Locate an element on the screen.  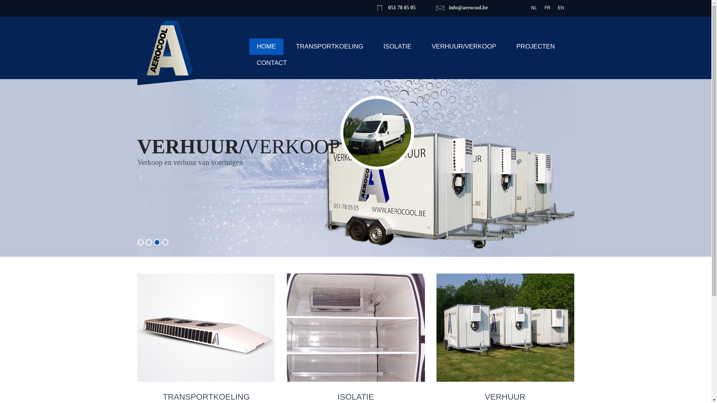
'1' is located at coordinates (140, 242).